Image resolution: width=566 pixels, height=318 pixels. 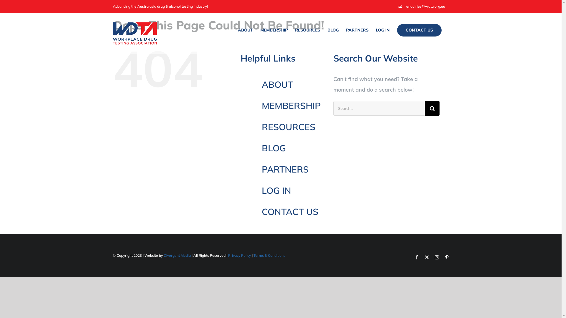 I want to click on 'LOG IN', so click(x=382, y=30).